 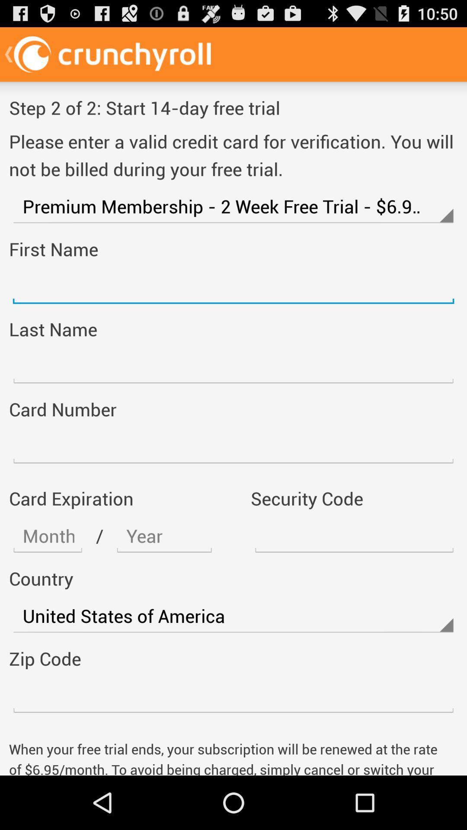 I want to click on text option, so click(x=164, y=536).